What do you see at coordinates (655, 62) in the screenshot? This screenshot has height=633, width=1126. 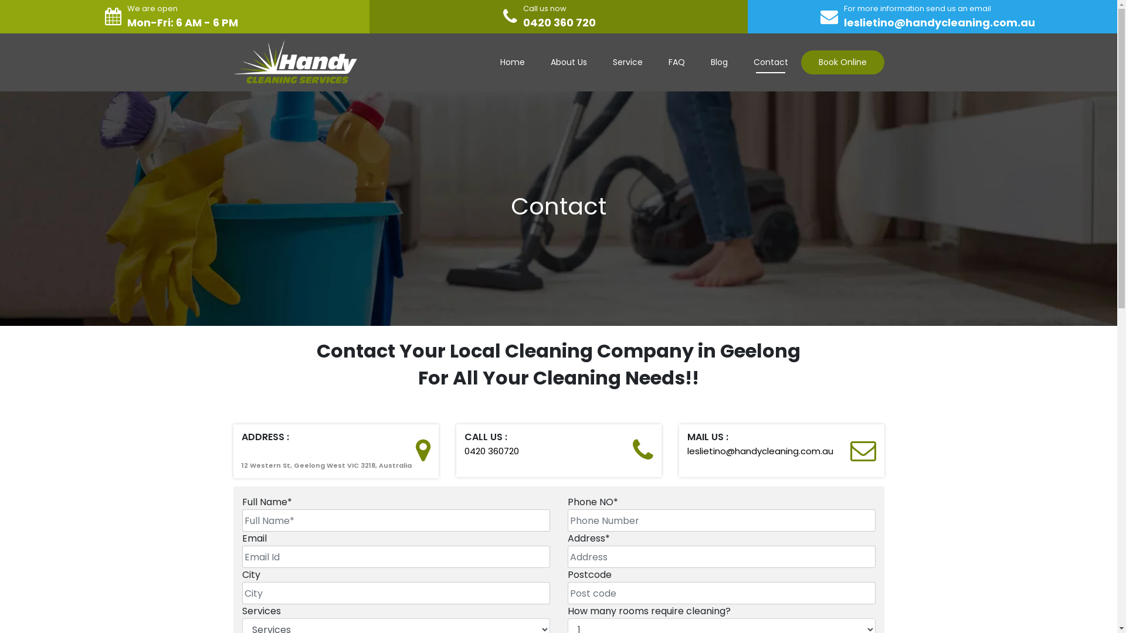 I see `'FAQ'` at bounding box center [655, 62].